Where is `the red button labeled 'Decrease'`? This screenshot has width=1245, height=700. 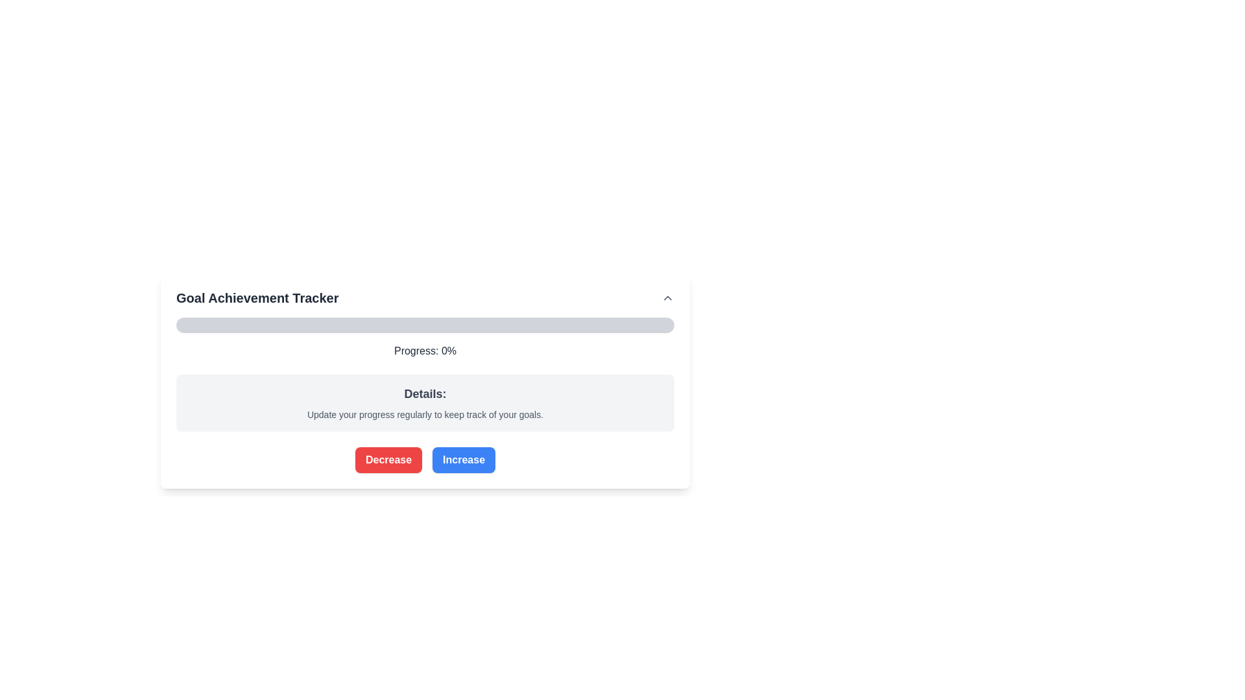
the red button labeled 'Decrease' is located at coordinates (388, 459).